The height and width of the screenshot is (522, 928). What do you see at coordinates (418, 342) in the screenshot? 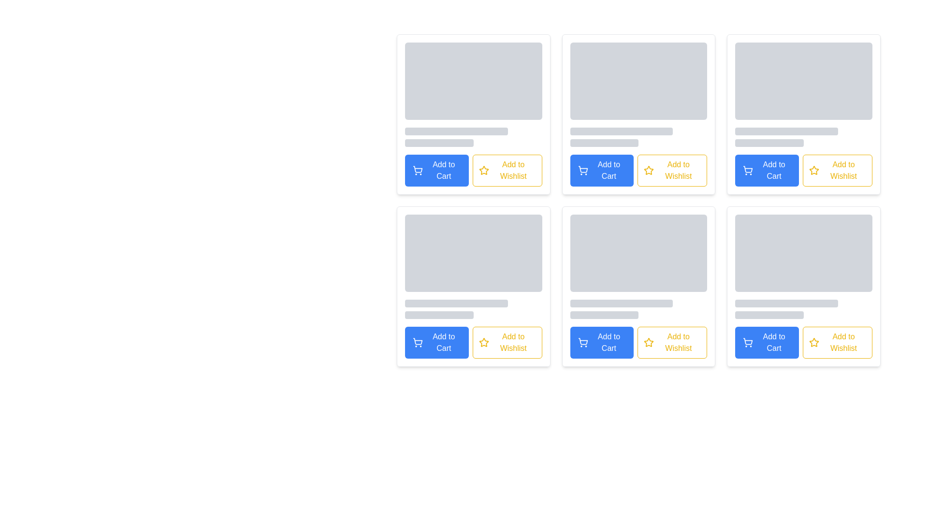
I see `the small shopping cart icon located to the left of the 'Add to Cart' button` at bounding box center [418, 342].